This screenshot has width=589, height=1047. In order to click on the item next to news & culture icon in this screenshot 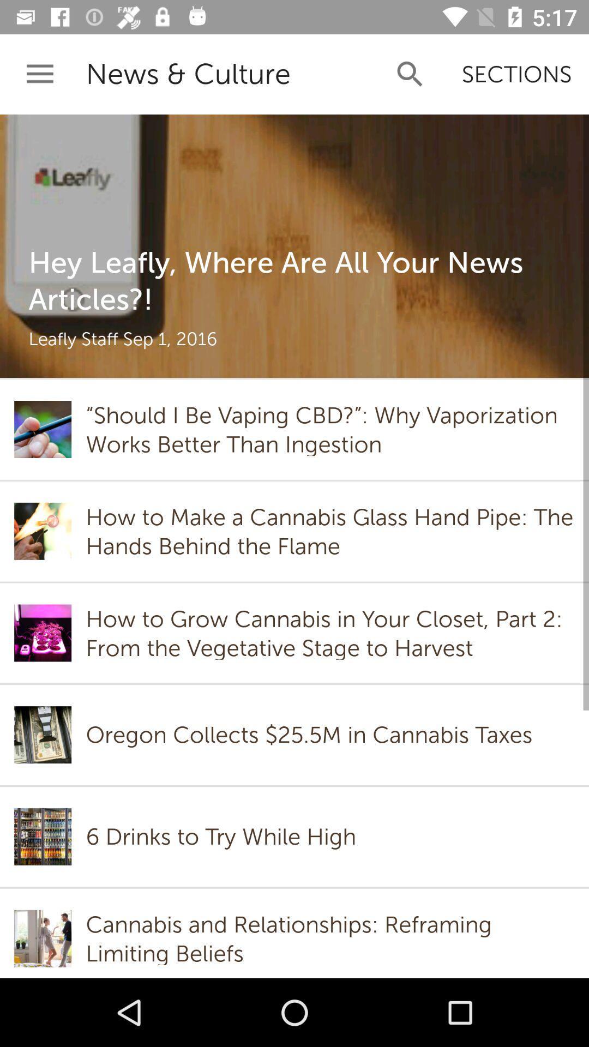, I will do `click(39, 74)`.